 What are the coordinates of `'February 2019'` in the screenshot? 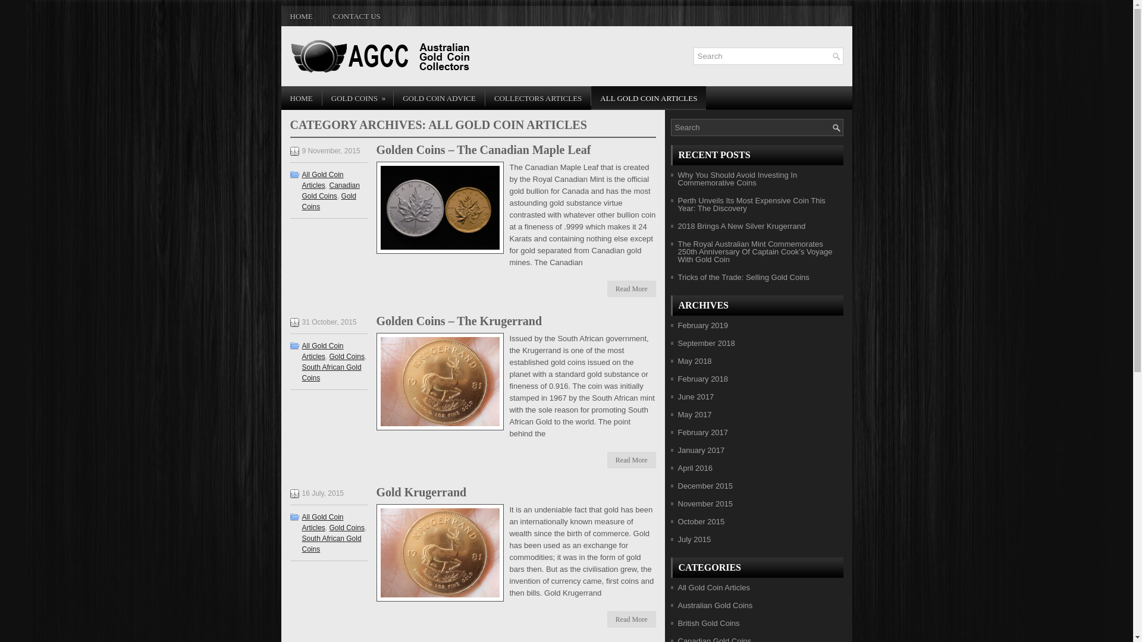 It's located at (703, 325).